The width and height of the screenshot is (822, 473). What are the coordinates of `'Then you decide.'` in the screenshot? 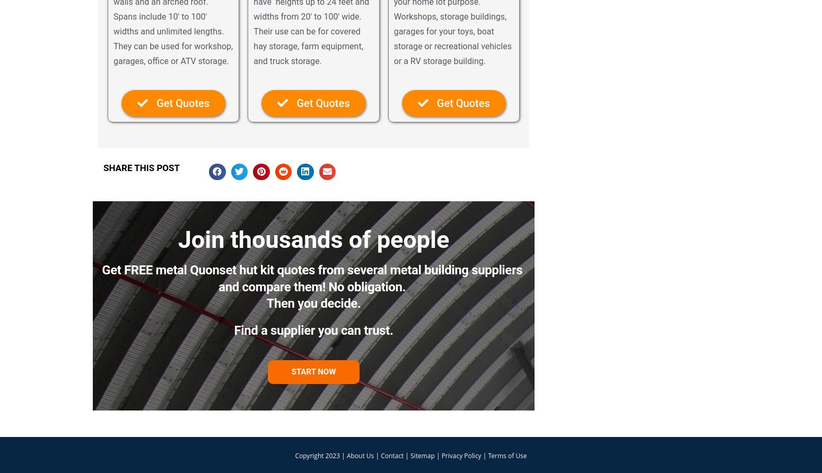 It's located at (313, 302).